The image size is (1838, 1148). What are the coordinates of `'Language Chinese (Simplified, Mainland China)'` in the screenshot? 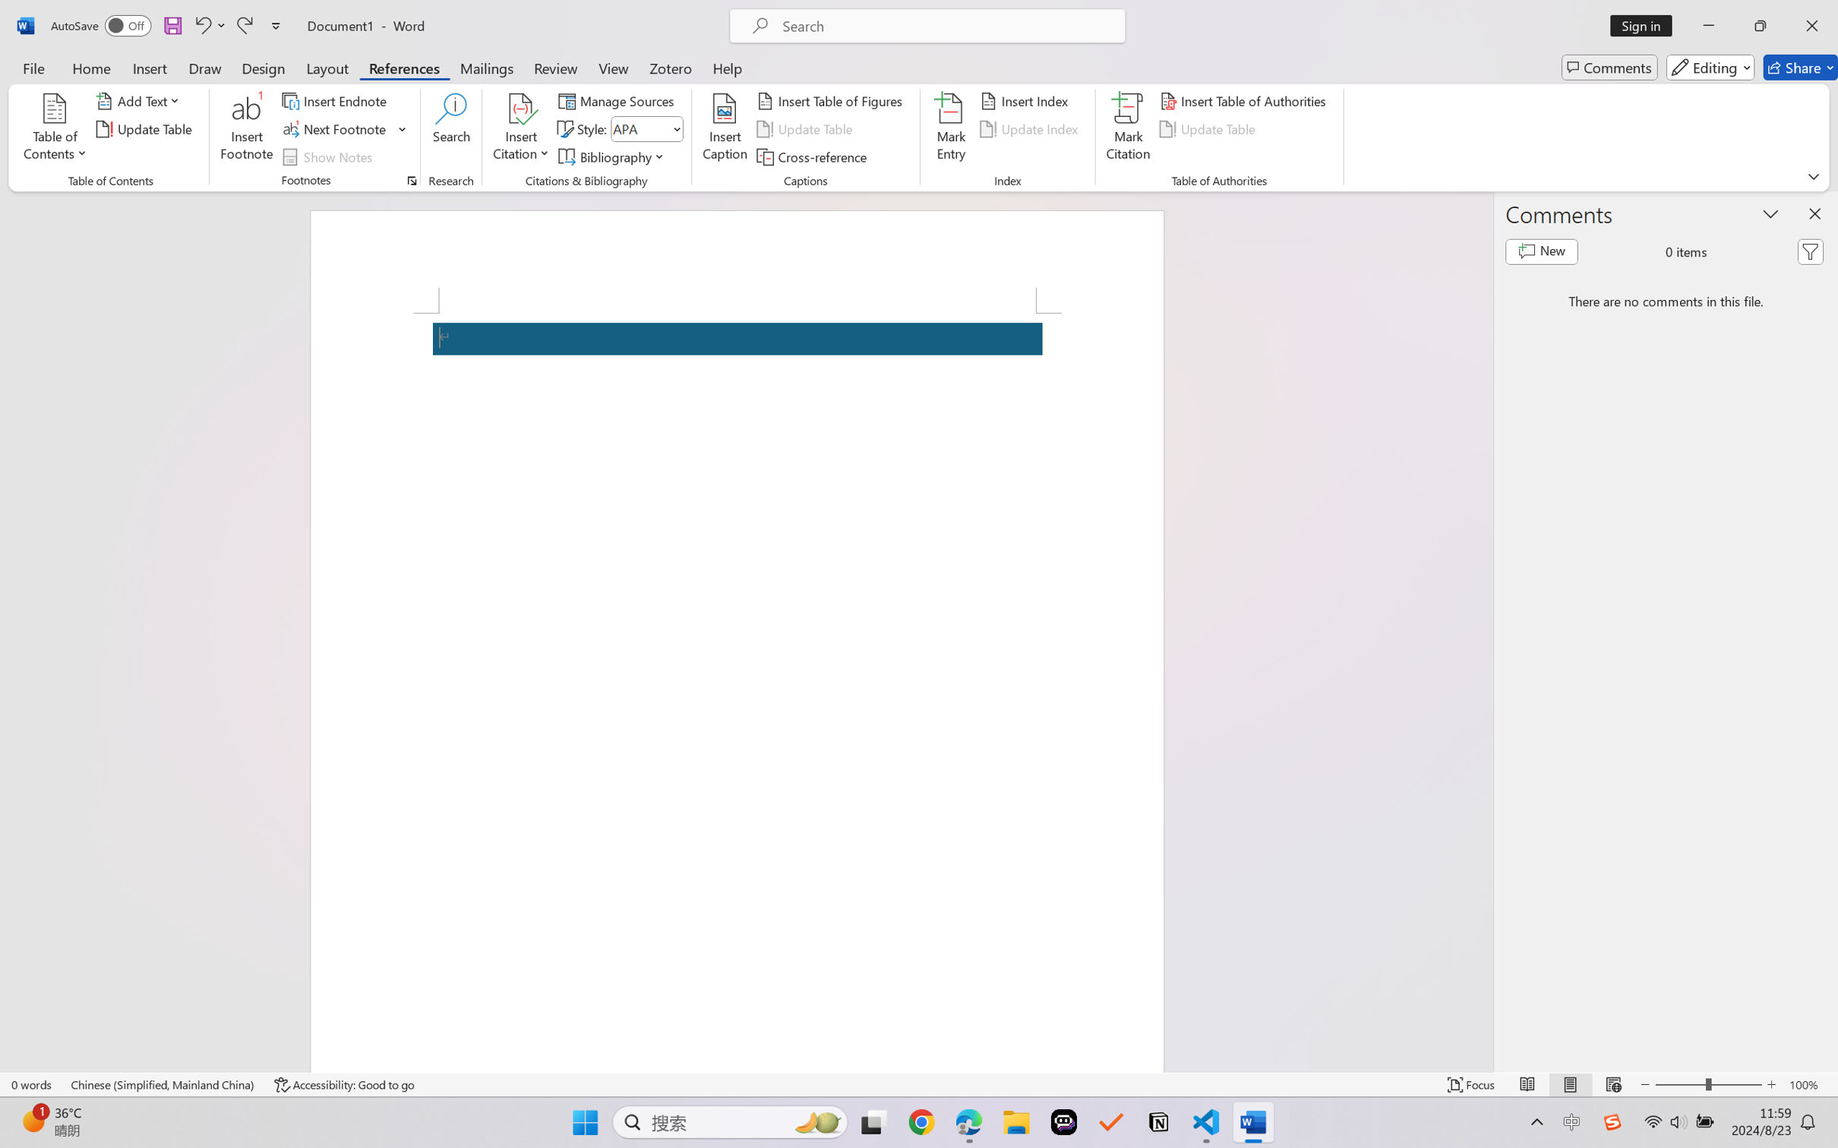 It's located at (163, 1084).